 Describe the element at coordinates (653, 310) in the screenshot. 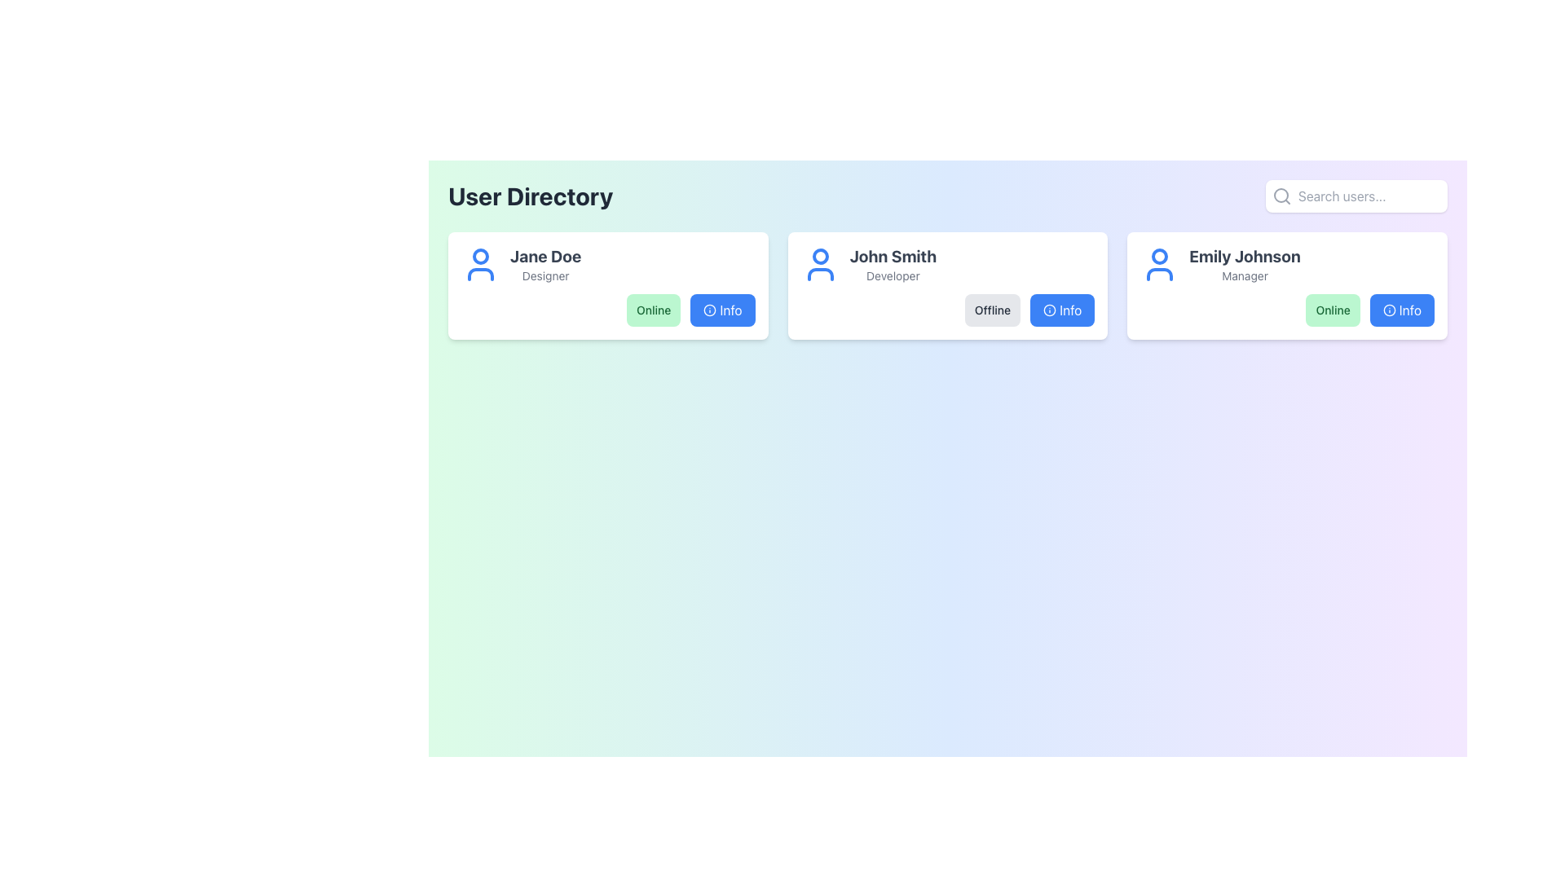

I see `the online status badge located within the user card labeled 'Jane Doe - Designer' to interact with it` at that location.